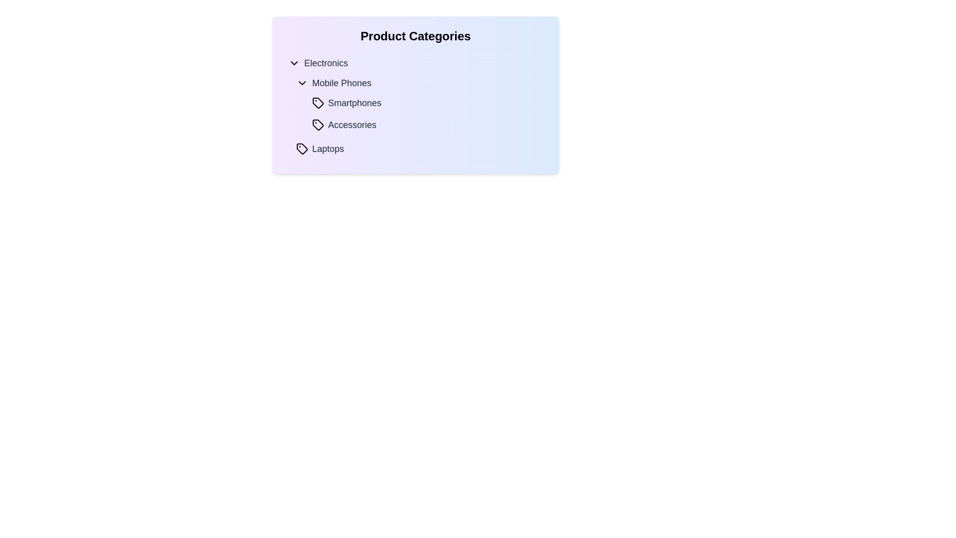 The height and width of the screenshot is (538, 956). I want to click on the 'Accessories' link within the 'Mobile Phones' category to trigger its hover effect, so click(428, 124).